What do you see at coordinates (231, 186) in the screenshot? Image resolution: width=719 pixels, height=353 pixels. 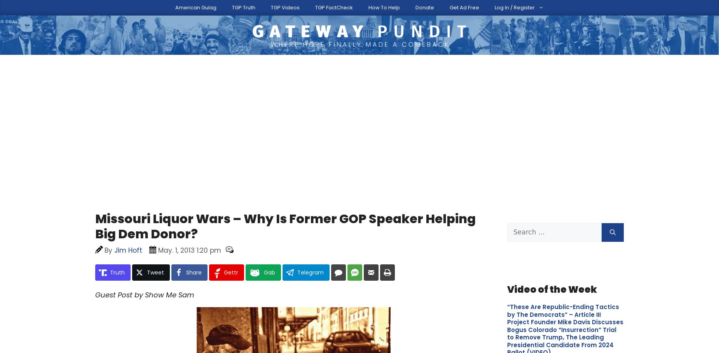 I see `'Did Your Mom Ever Make the Paper? Search Newspapers.com'` at bounding box center [231, 186].